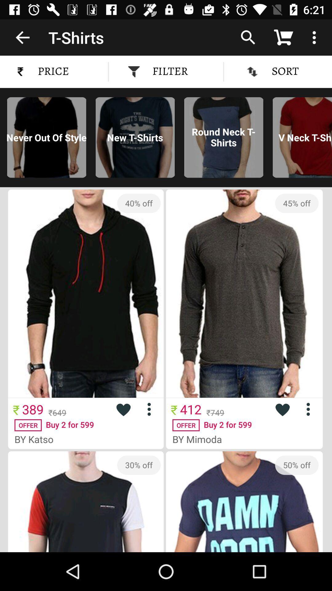  I want to click on menu for highlighted item, so click(152, 409).